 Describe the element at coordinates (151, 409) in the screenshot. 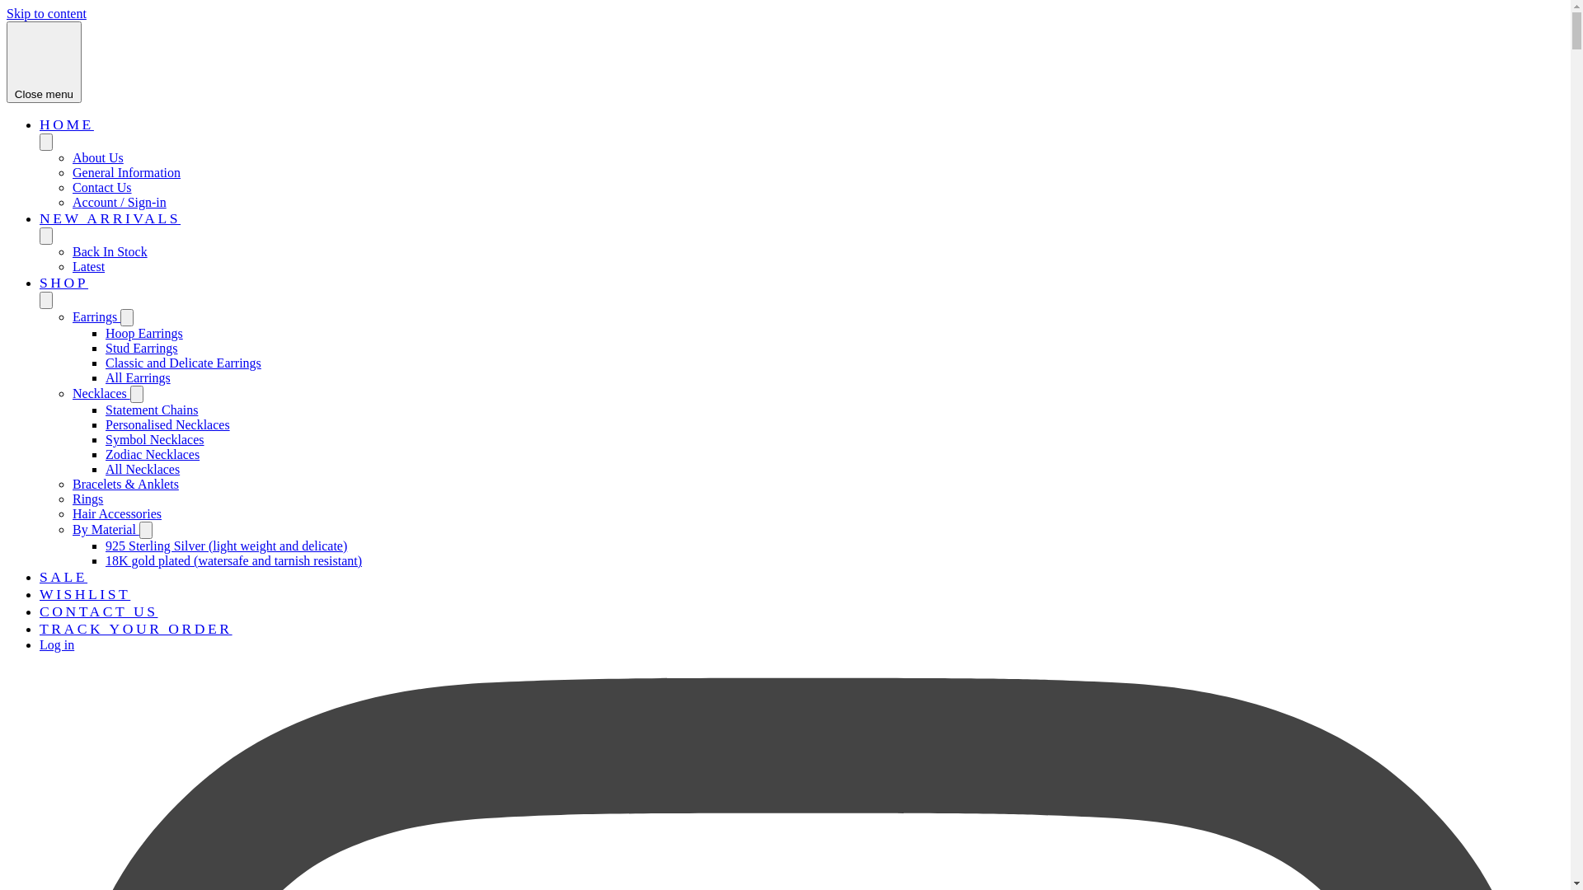

I see `'Statement Chains'` at that location.